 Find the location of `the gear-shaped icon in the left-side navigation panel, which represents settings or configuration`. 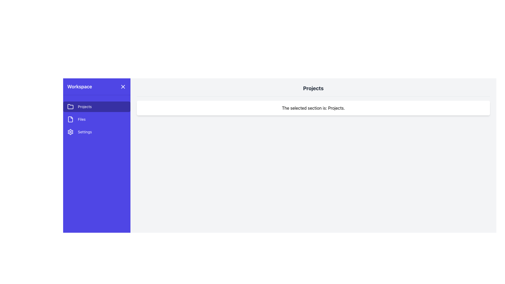

the gear-shaped icon in the left-side navigation panel, which represents settings or configuration is located at coordinates (70, 131).